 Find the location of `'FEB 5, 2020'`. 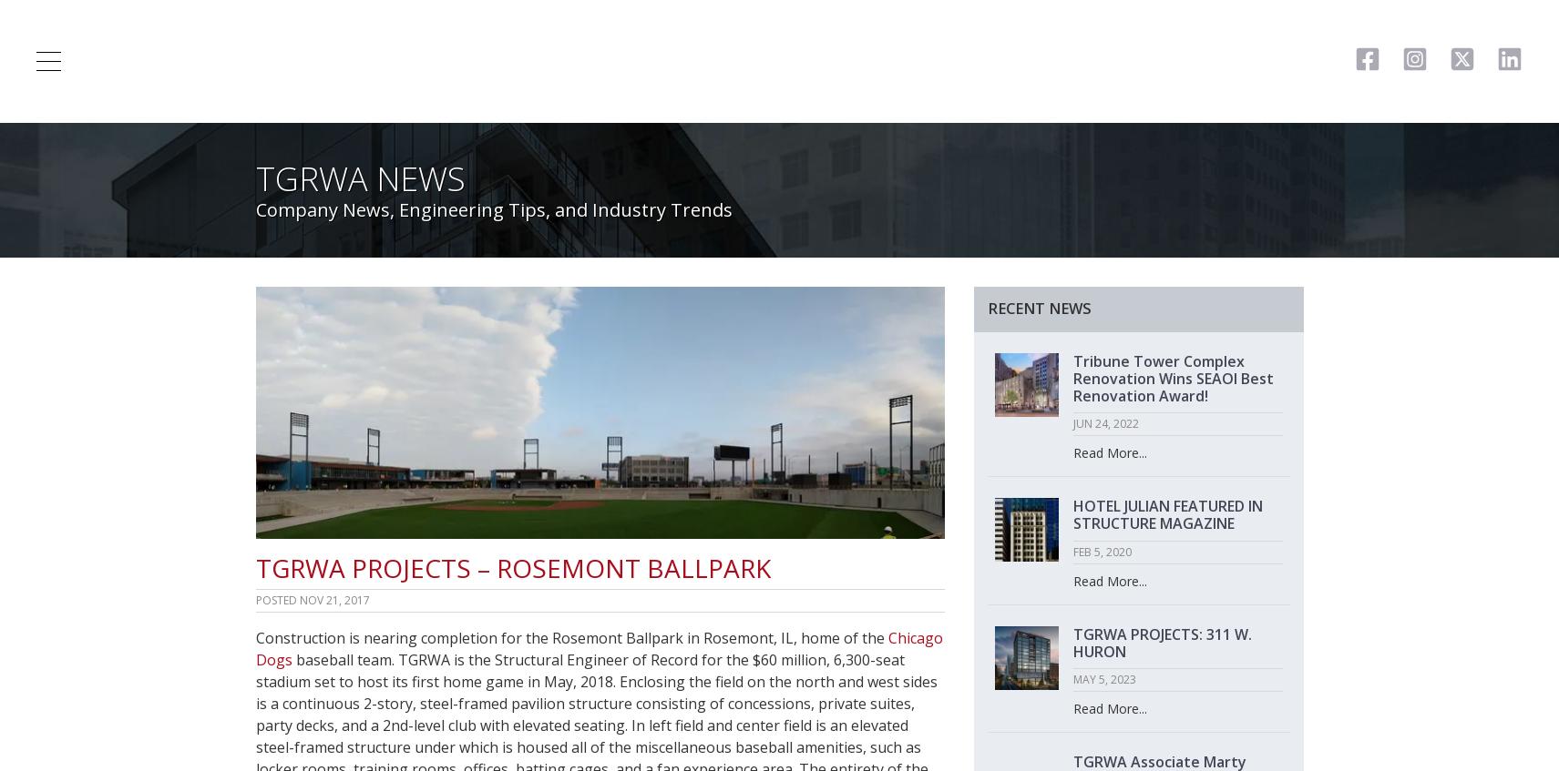

'FEB 5, 2020' is located at coordinates (1100, 551).